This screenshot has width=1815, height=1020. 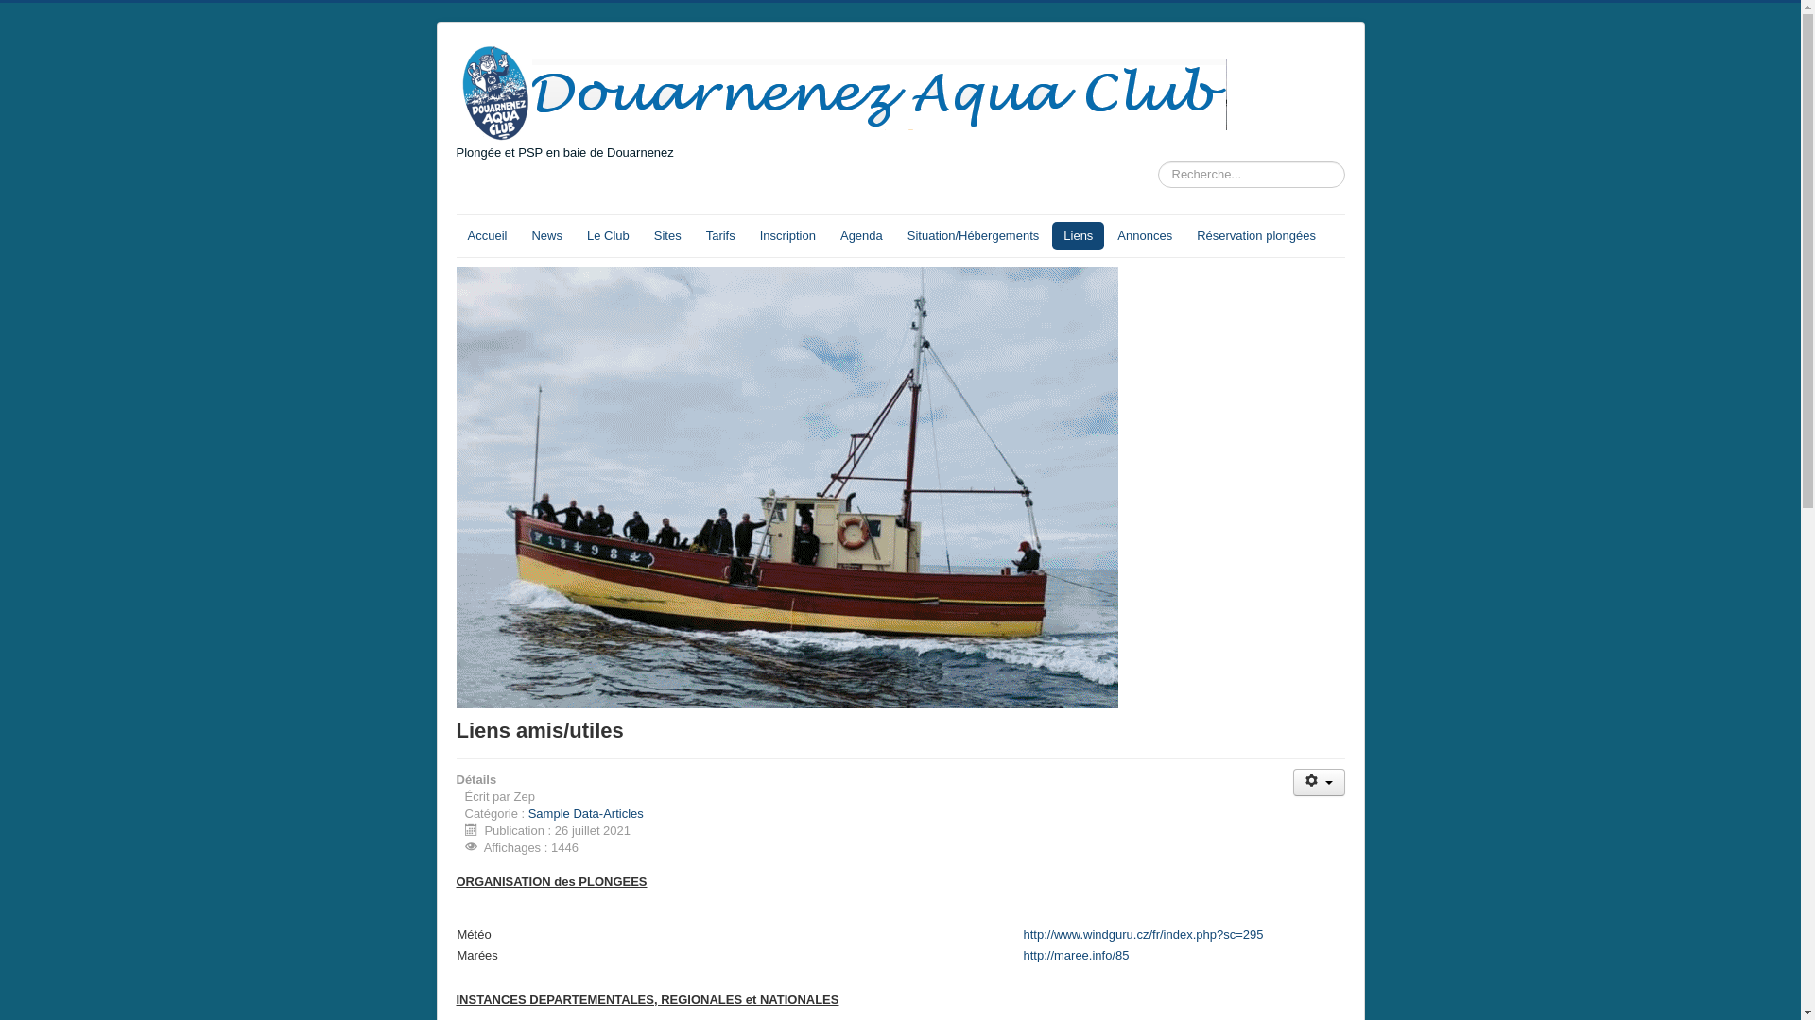 What do you see at coordinates (667, 235) in the screenshot?
I see `'Sites'` at bounding box center [667, 235].